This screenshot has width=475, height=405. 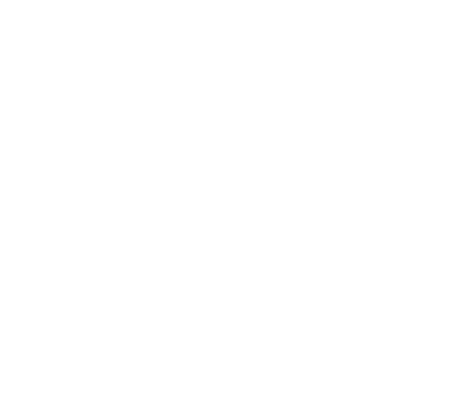 What do you see at coordinates (321, 274) in the screenshot?
I see `'Sleeps 4'` at bounding box center [321, 274].